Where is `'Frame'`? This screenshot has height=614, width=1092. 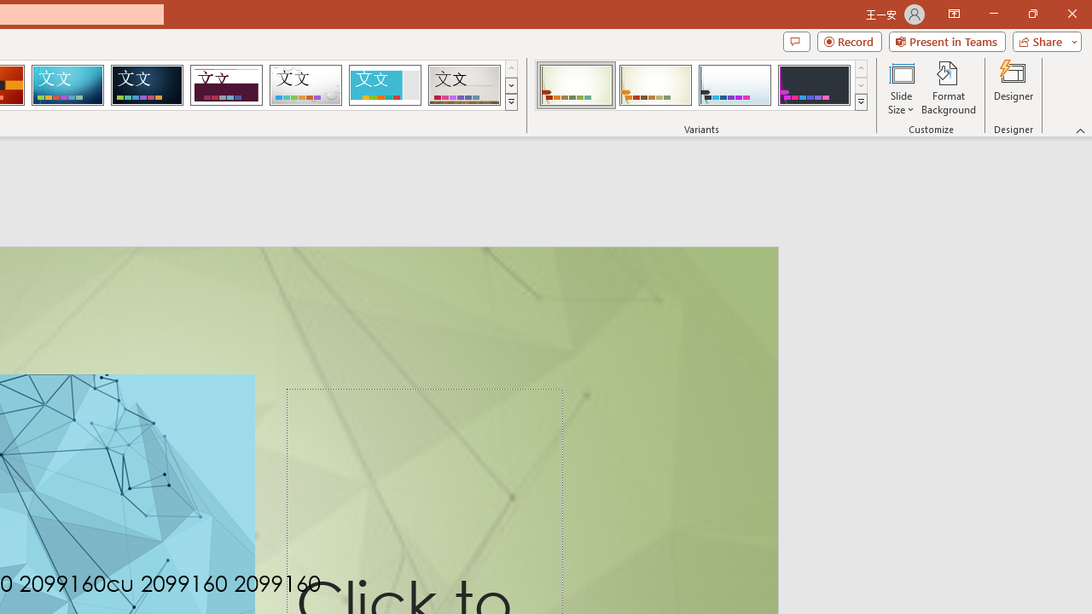 'Frame' is located at coordinates (384, 85).